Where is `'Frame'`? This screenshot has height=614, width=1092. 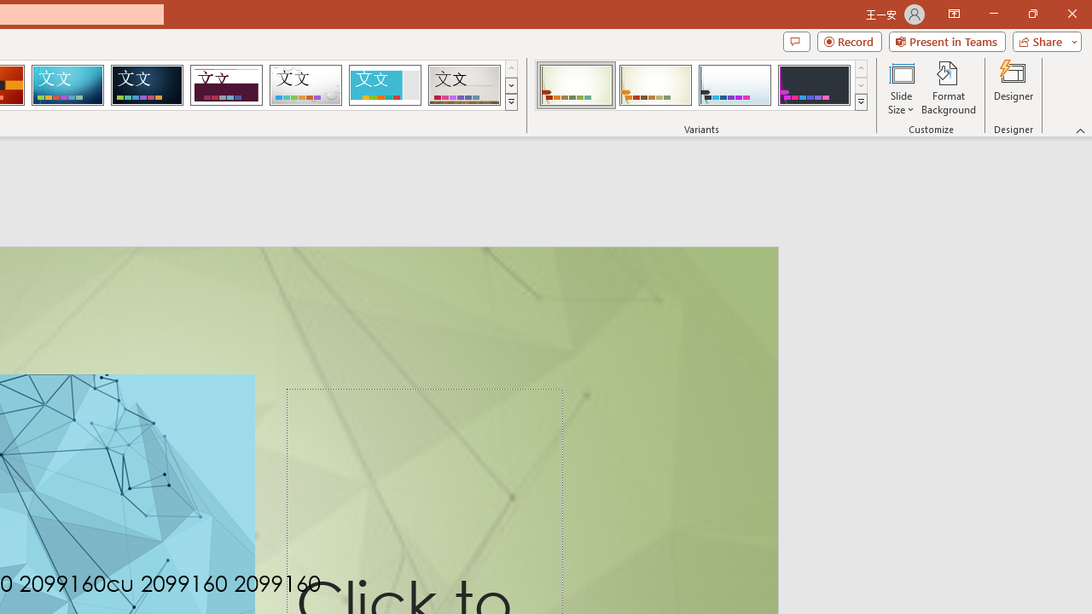 'Frame' is located at coordinates (384, 85).